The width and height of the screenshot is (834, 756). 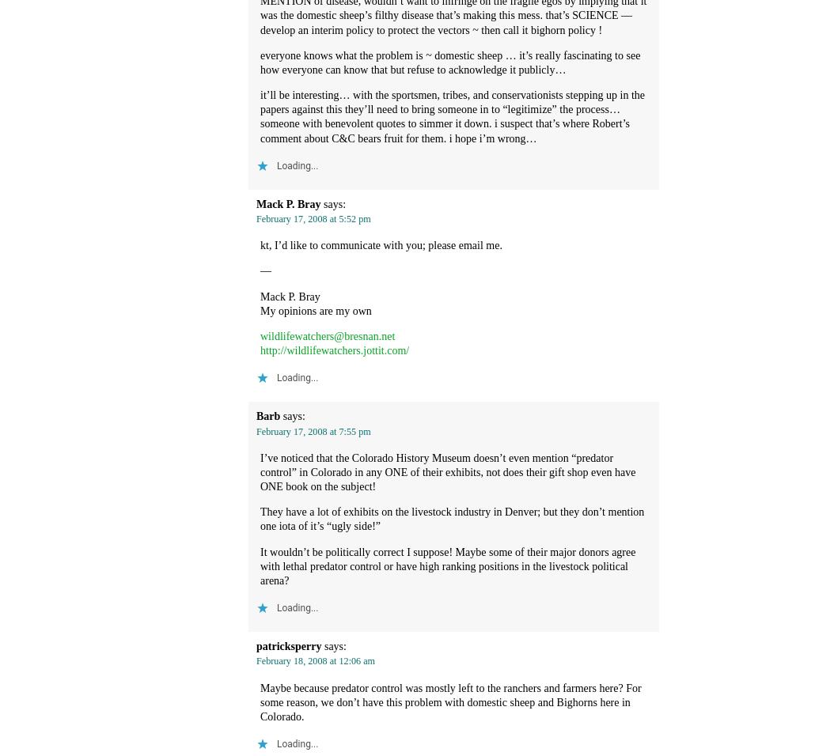 What do you see at coordinates (452, 519) in the screenshot?
I see `'They have a lot of exhibits on the livestock industry in Denver; but they don’t mention one iota of it’s “ugly side!”'` at bounding box center [452, 519].